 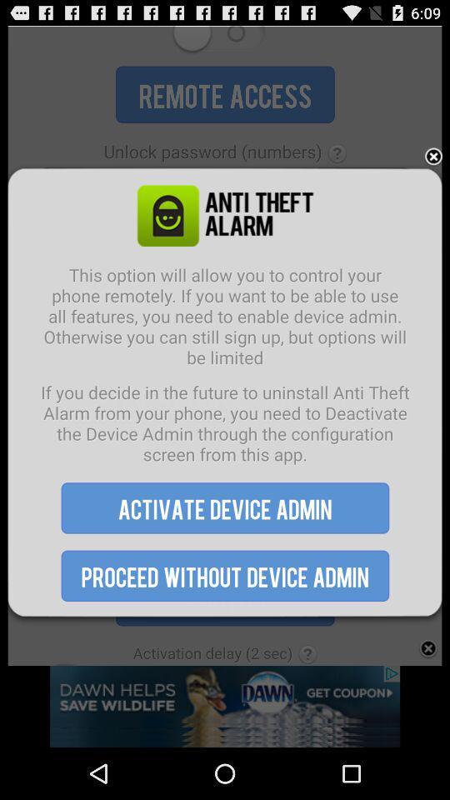 I want to click on icon at the bottom, so click(x=225, y=576).